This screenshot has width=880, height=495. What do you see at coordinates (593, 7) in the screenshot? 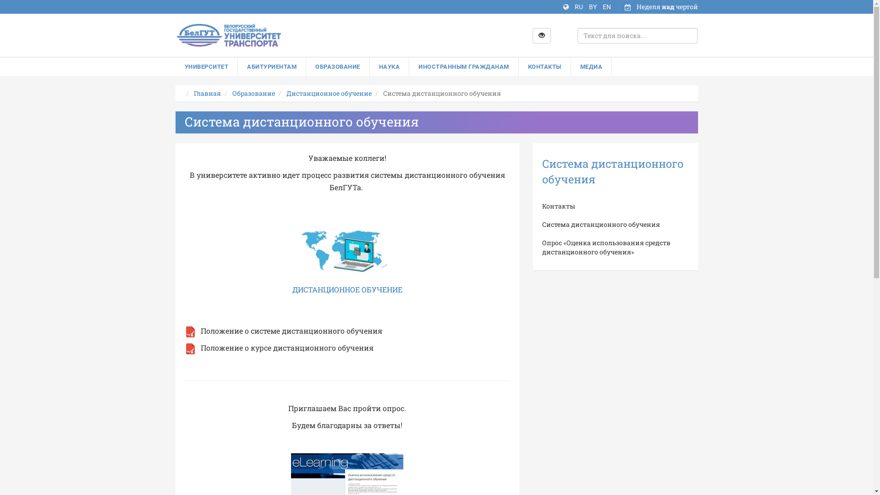
I see `'BY'` at bounding box center [593, 7].